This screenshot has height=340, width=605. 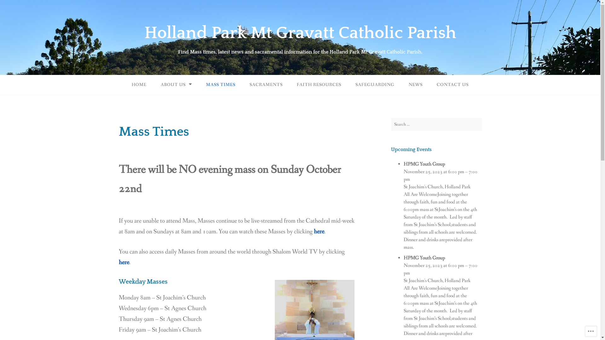 I want to click on 'here', so click(x=124, y=262).